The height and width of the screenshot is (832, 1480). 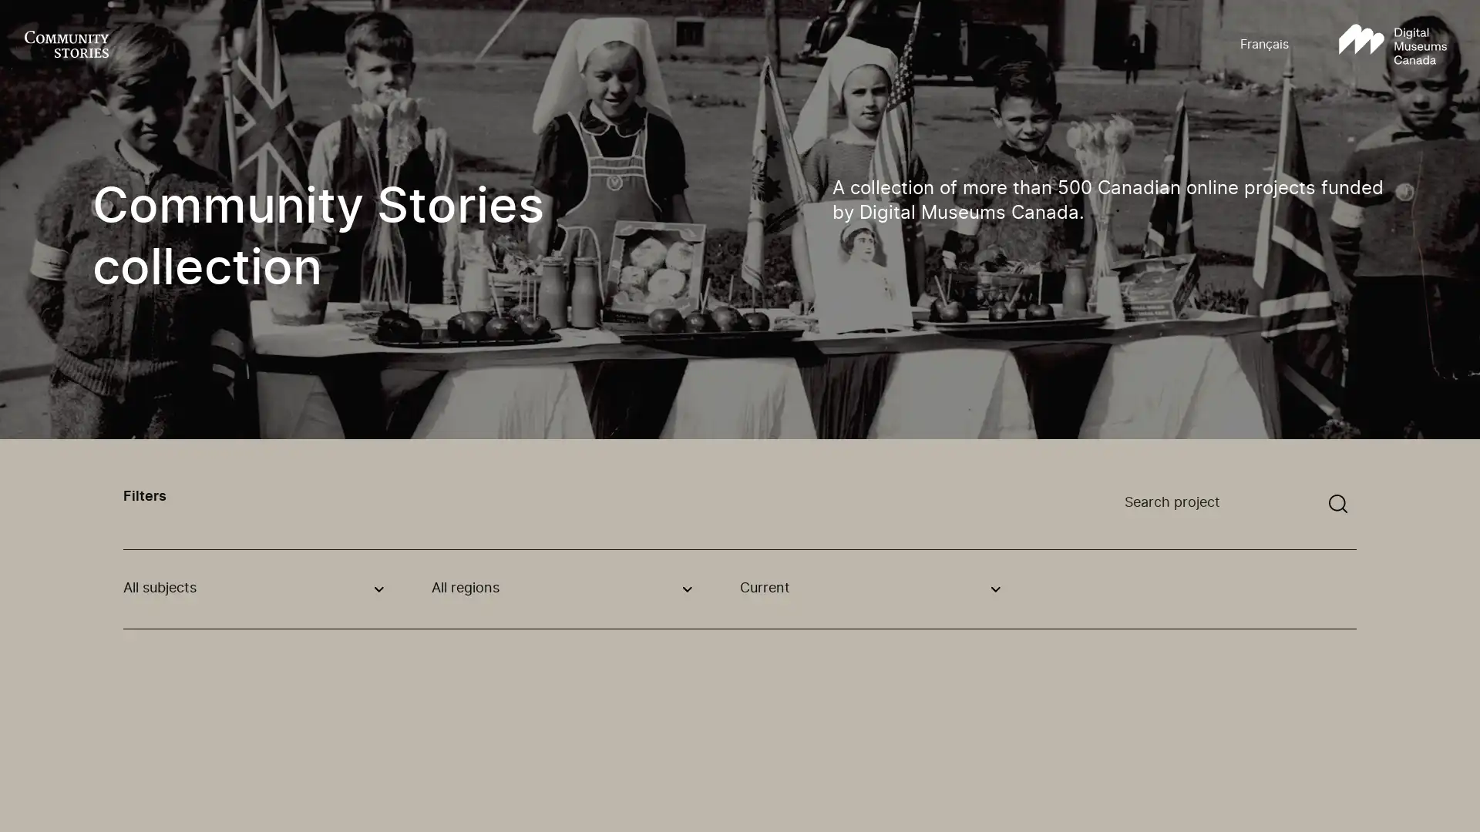 What do you see at coordinates (1392, 44) in the screenshot?
I see `Go to Digital Museums Canada website` at bounding box center [1392, 44].